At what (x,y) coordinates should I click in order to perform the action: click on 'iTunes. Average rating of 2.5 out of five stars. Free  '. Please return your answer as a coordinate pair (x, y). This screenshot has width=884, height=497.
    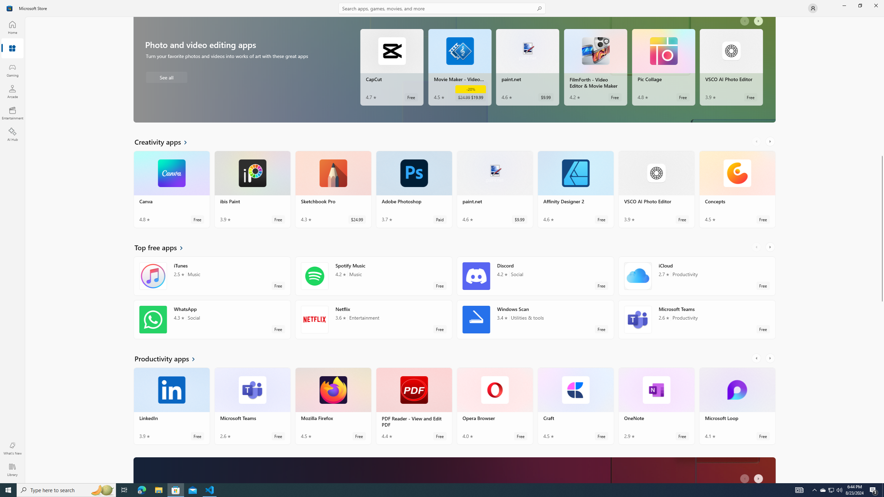
    Looking at the image, I should click on (212, 275).